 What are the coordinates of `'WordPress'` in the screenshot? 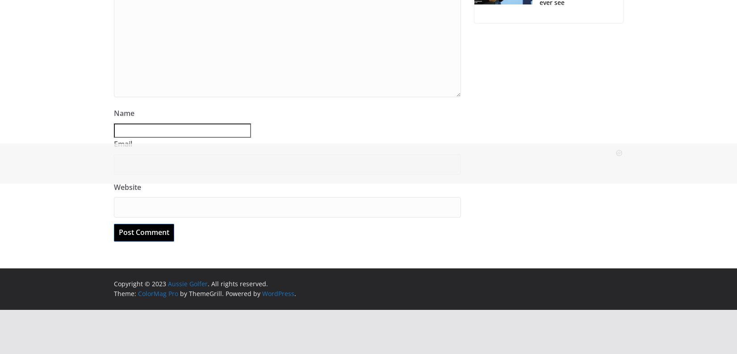 It's located at (262, 293).